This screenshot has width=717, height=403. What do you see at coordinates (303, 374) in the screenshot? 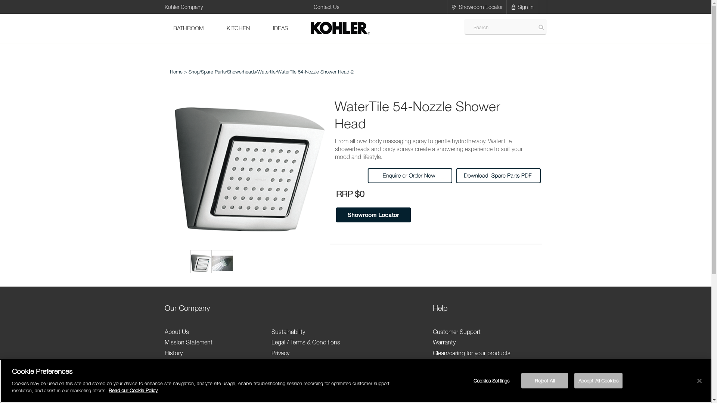
I see `'Subject Access Request'` at bounding box center [303, 374].